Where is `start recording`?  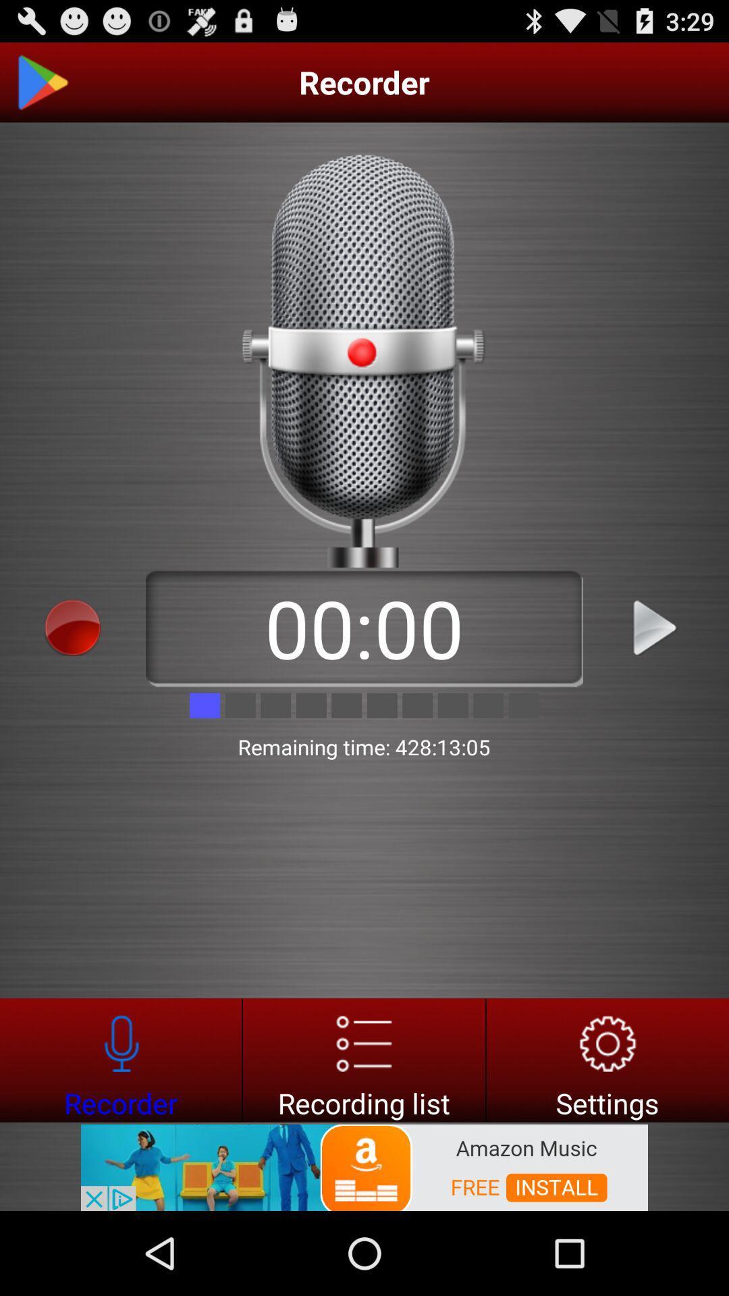
start recording is located at coordinates (73, 627).